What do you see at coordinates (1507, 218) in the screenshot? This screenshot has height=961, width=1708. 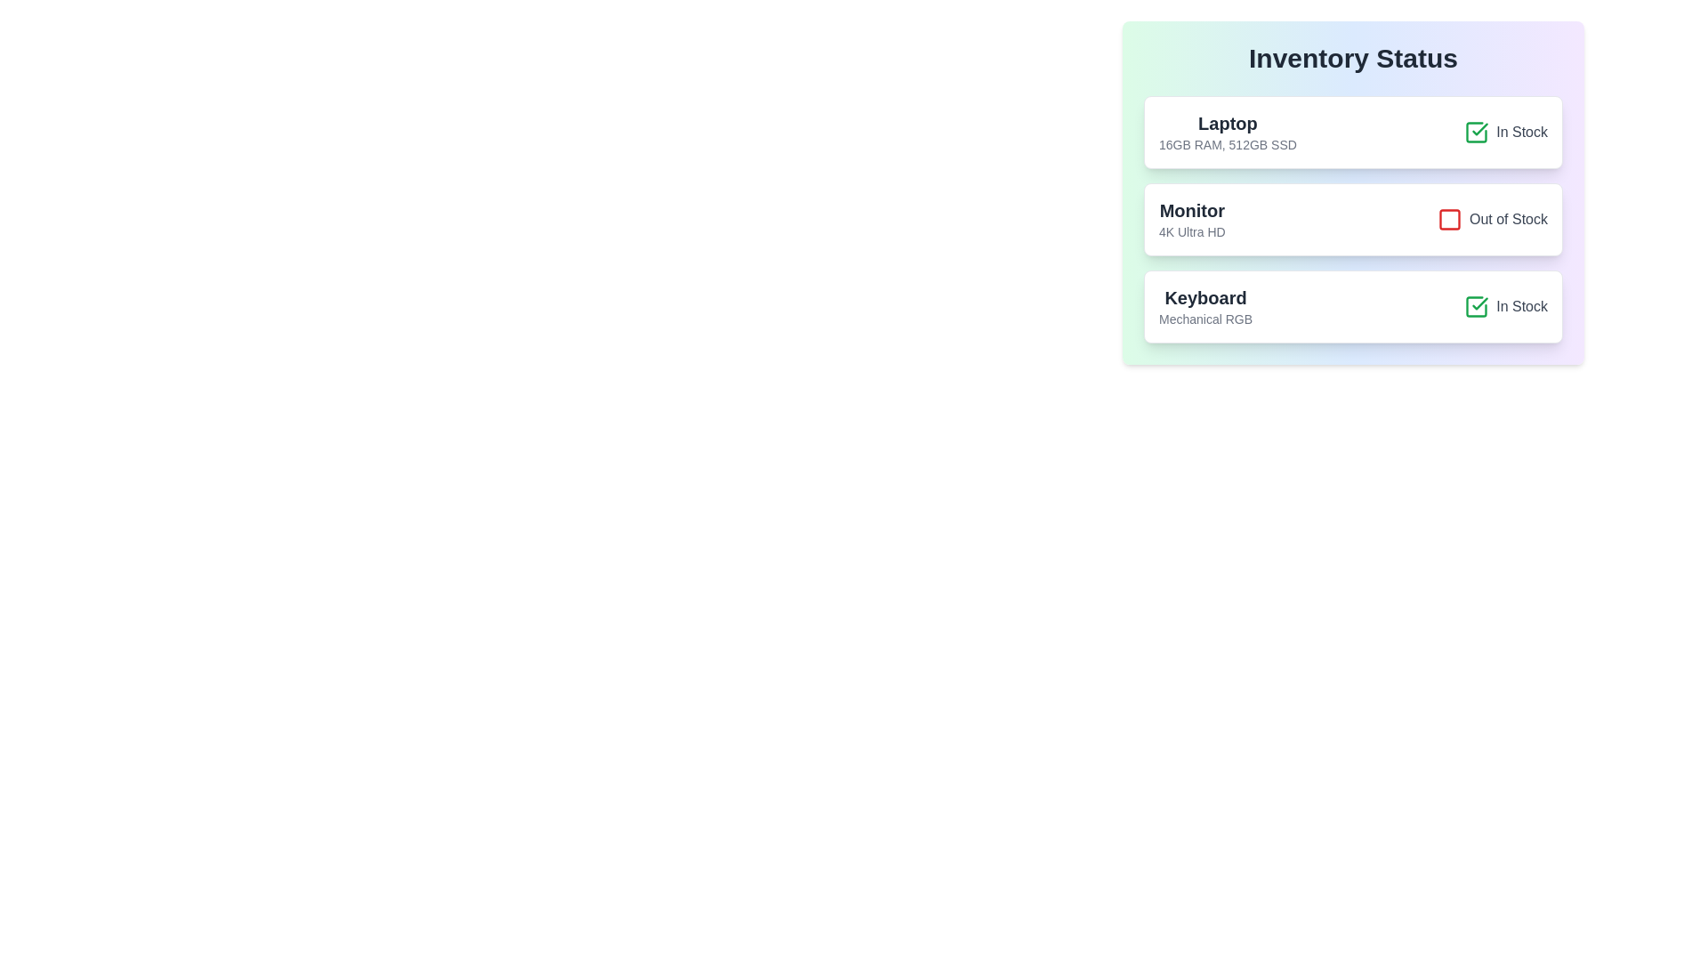 I see `the 'Out of Stock' text label, which is displayed in gray font next to a red icon in the inventory status list for the 'Monitor' entry` at bounding box center [1507, 218].